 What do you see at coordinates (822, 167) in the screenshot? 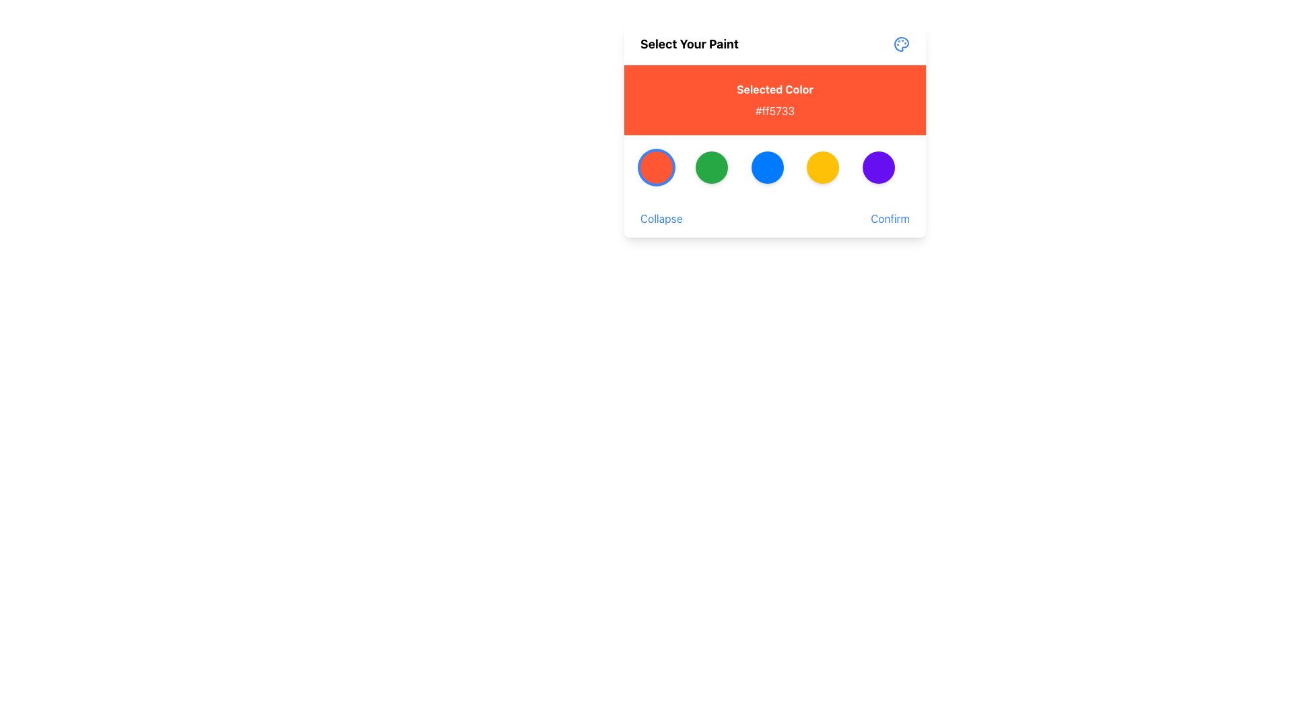
I see `the fourth circular button in the color palette` at bounding box center [822, 167].